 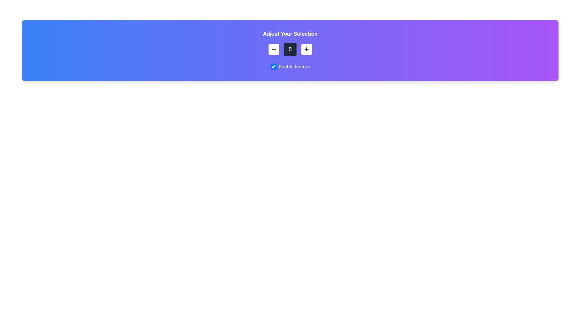 I want to click on the dark gray rectangular button with rounded corners containing the white text '5', which is centrally positioned among its siblings in the 'Adjust Your Selection' section, so click(x=290, y=49).